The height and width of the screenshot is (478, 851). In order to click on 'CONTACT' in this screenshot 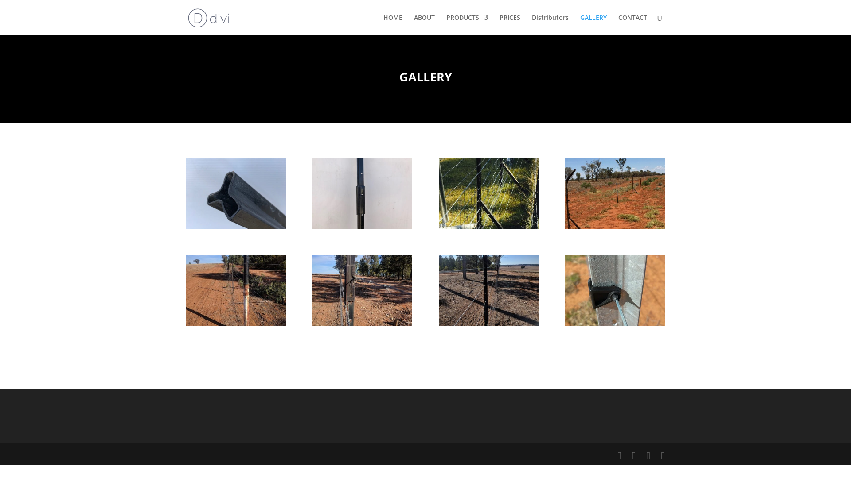, I will do `click(632, 24)`.